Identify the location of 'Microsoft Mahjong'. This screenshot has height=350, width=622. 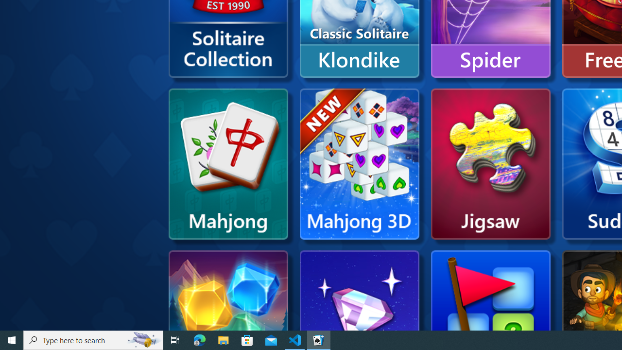
(227, 163).